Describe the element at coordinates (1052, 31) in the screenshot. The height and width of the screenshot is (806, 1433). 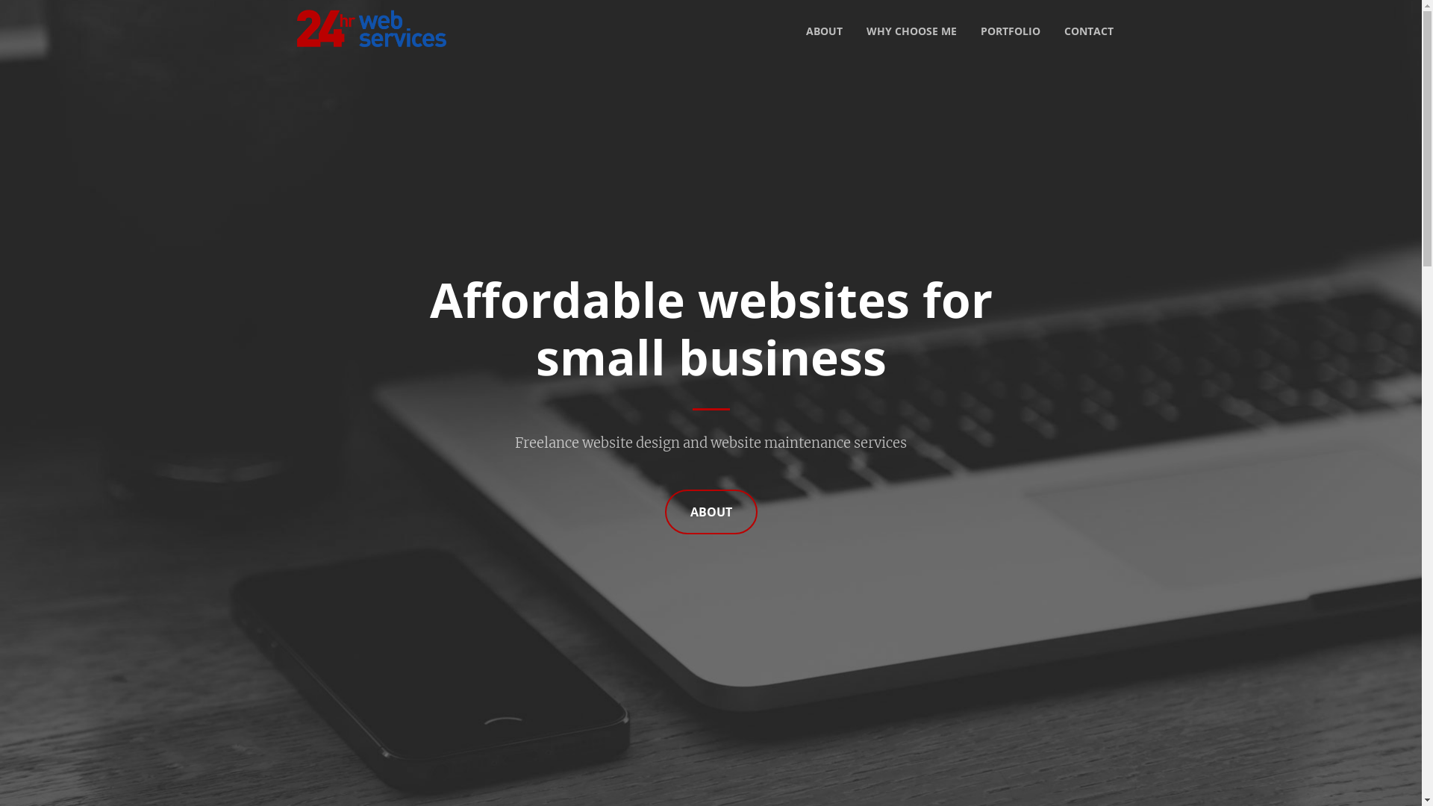
I see `'CONTACT'` at that location.